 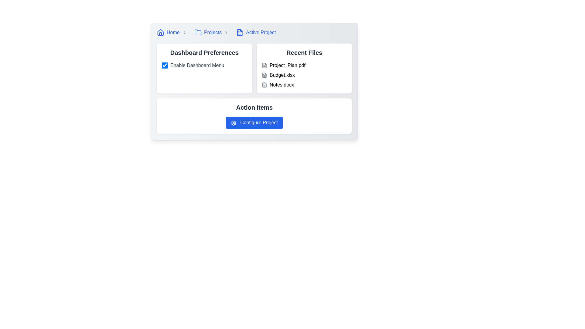 What do you see at coordinates (264, 65) in the screenshot?
I see `the main body of the document icon, which is part of a file-like icon in the recent files list, located towards the left side` at bounding box center [264, 65].